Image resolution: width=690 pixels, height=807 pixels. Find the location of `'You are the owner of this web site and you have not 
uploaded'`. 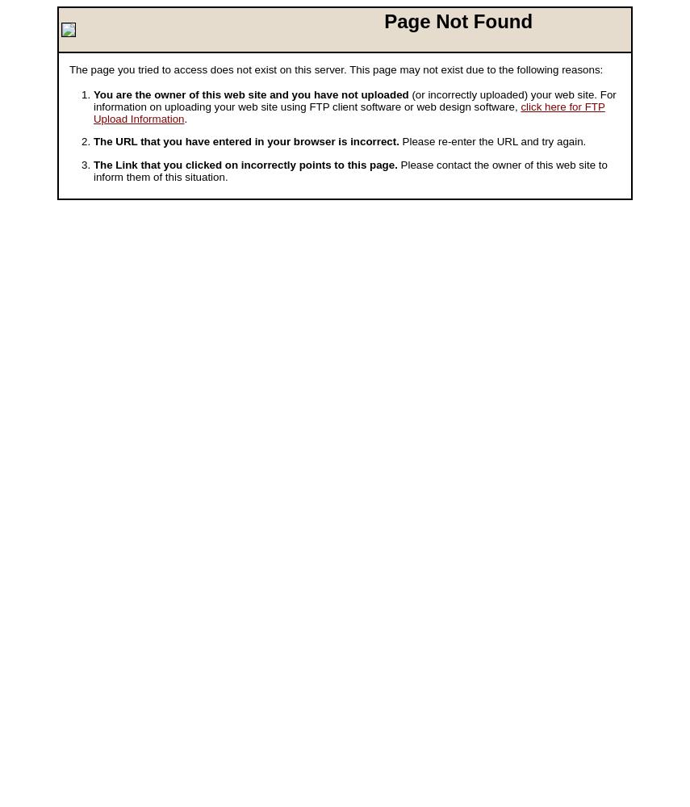

'You are the owner of this web site and you have not 
uploaded' is located at coordinates (249, 93).